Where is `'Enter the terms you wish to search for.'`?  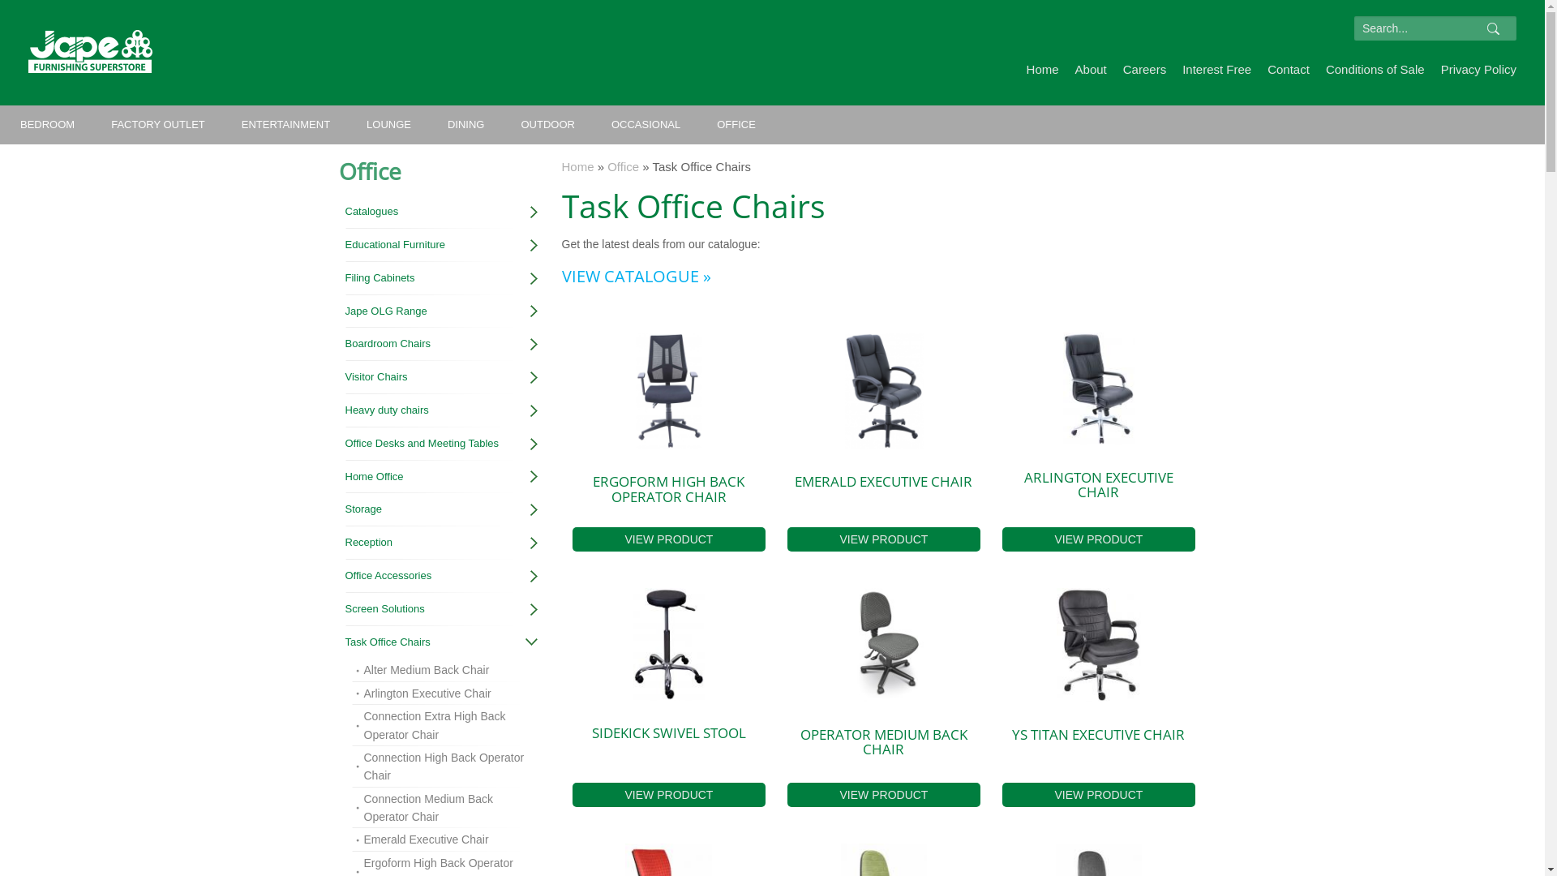
'Enter the terms you wish to search for.' is located at coordinates (1435, 28).